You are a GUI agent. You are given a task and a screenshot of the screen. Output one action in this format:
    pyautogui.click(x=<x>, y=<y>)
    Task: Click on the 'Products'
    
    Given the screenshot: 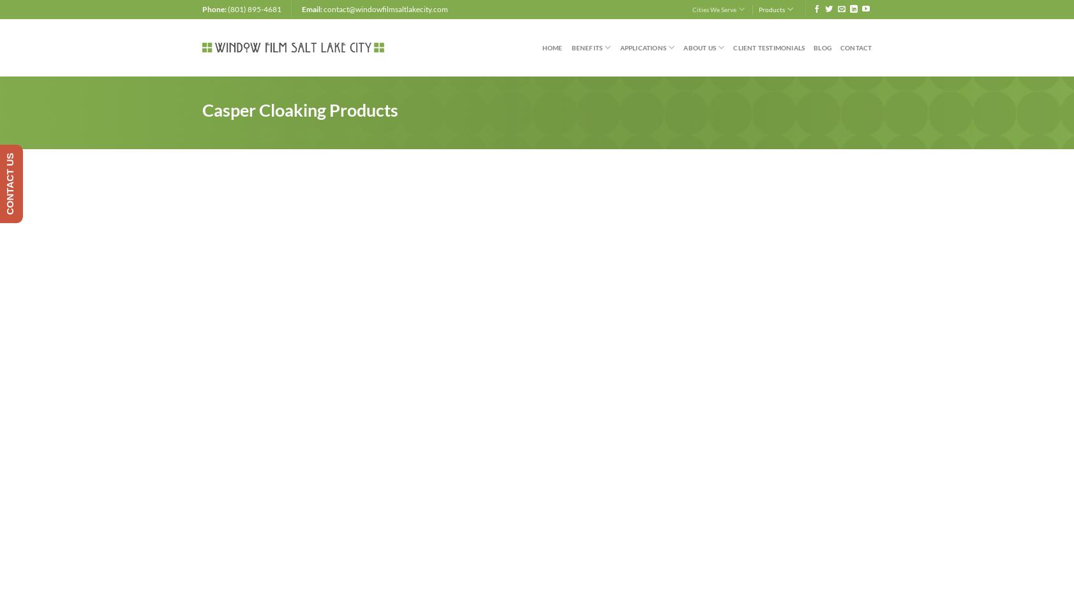 What is the action you would take?
    pyautogui.click(x=771, y=9)
    